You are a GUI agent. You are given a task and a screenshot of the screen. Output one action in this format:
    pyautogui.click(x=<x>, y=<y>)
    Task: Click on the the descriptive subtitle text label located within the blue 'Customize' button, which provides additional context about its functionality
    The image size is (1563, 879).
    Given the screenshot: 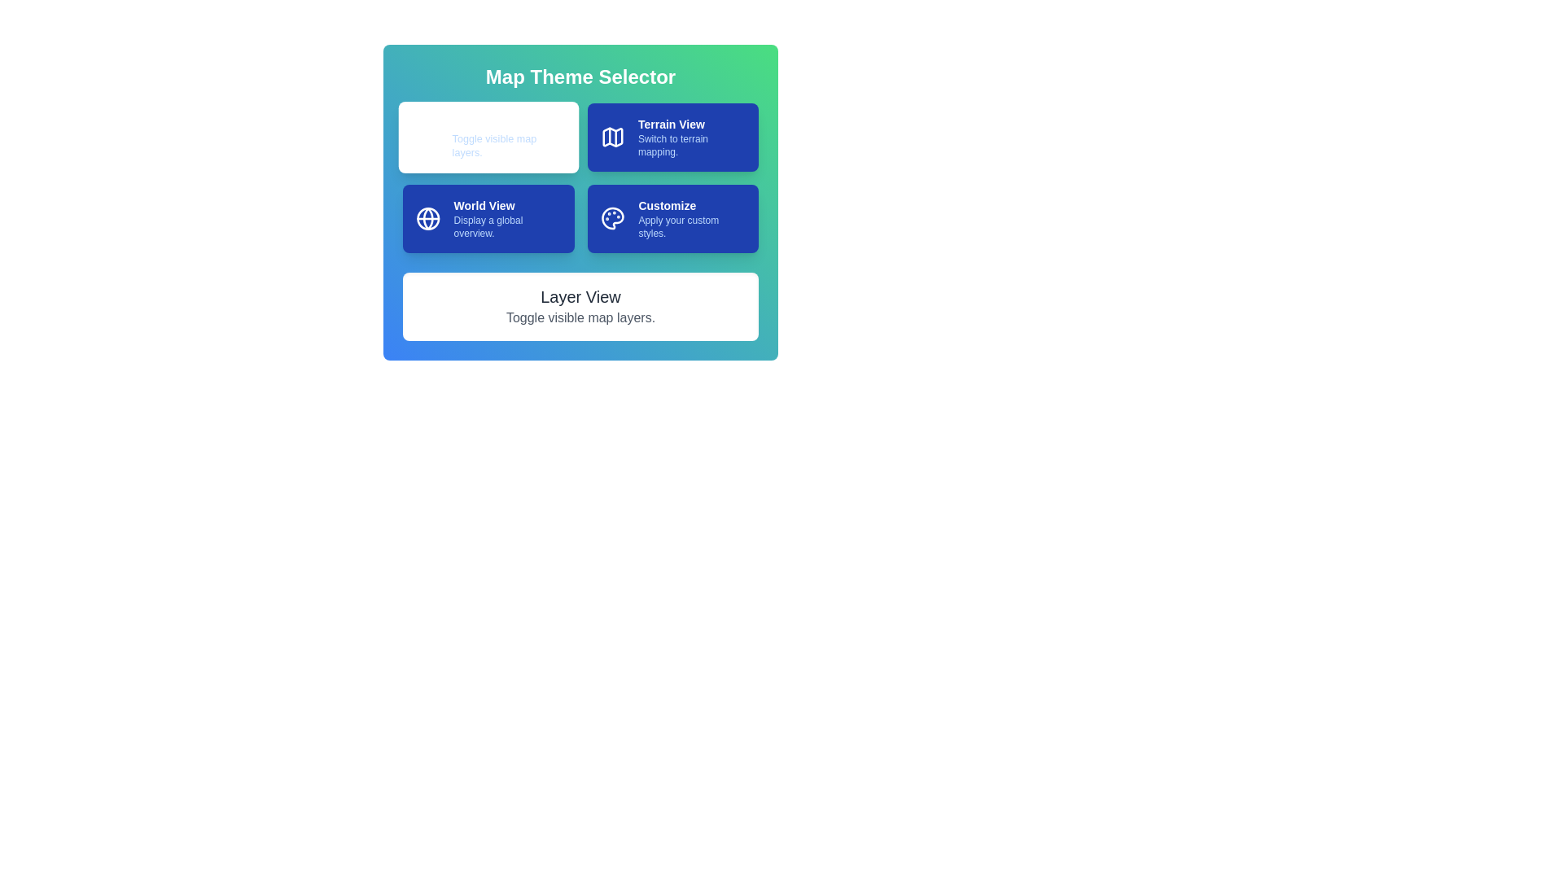 What is the action you would take?
    pyautogui.click(x=692, y=226)
    